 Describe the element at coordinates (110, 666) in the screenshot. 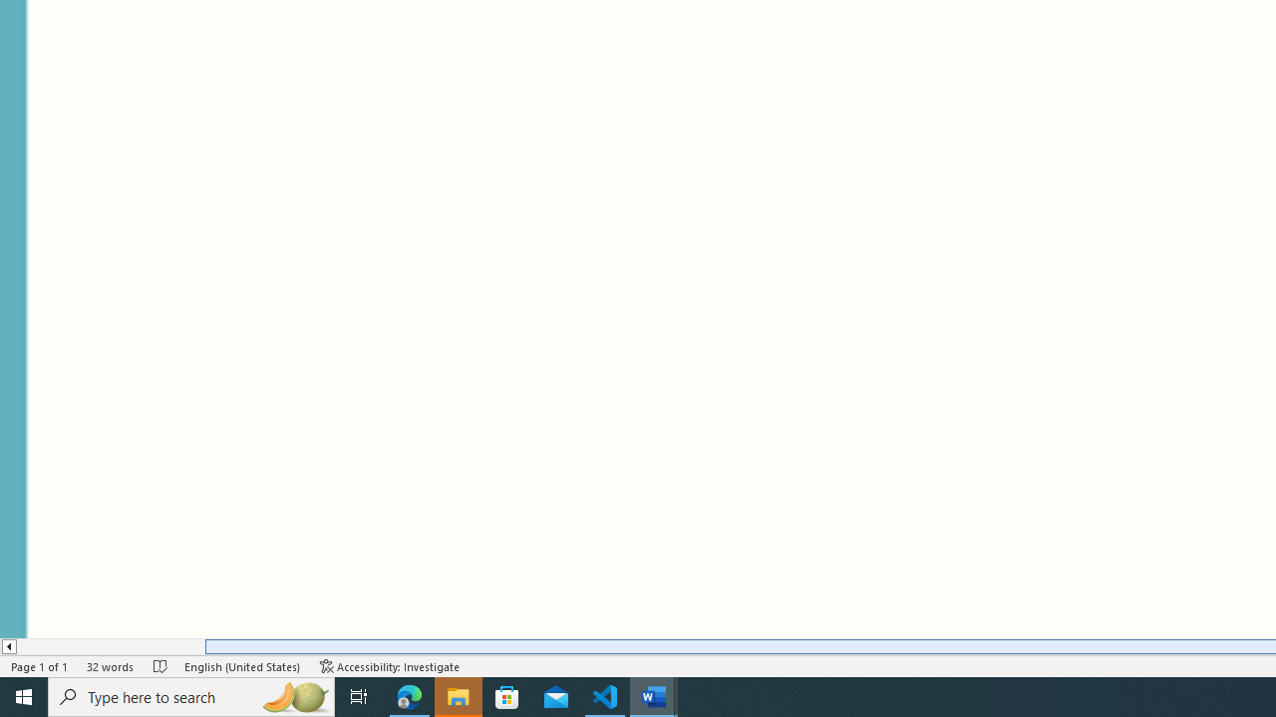

I see `'Word Count 32 words'` at that location.